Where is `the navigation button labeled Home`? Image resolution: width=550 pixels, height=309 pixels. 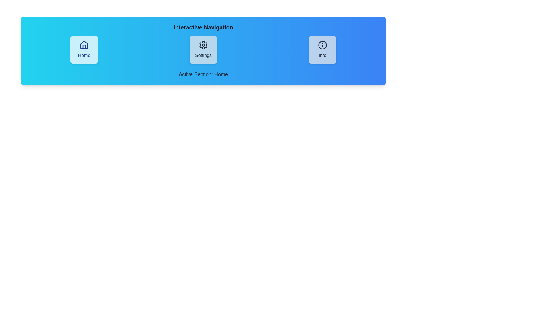
the navigation button labeled Home is located at coordinates (84, 49).